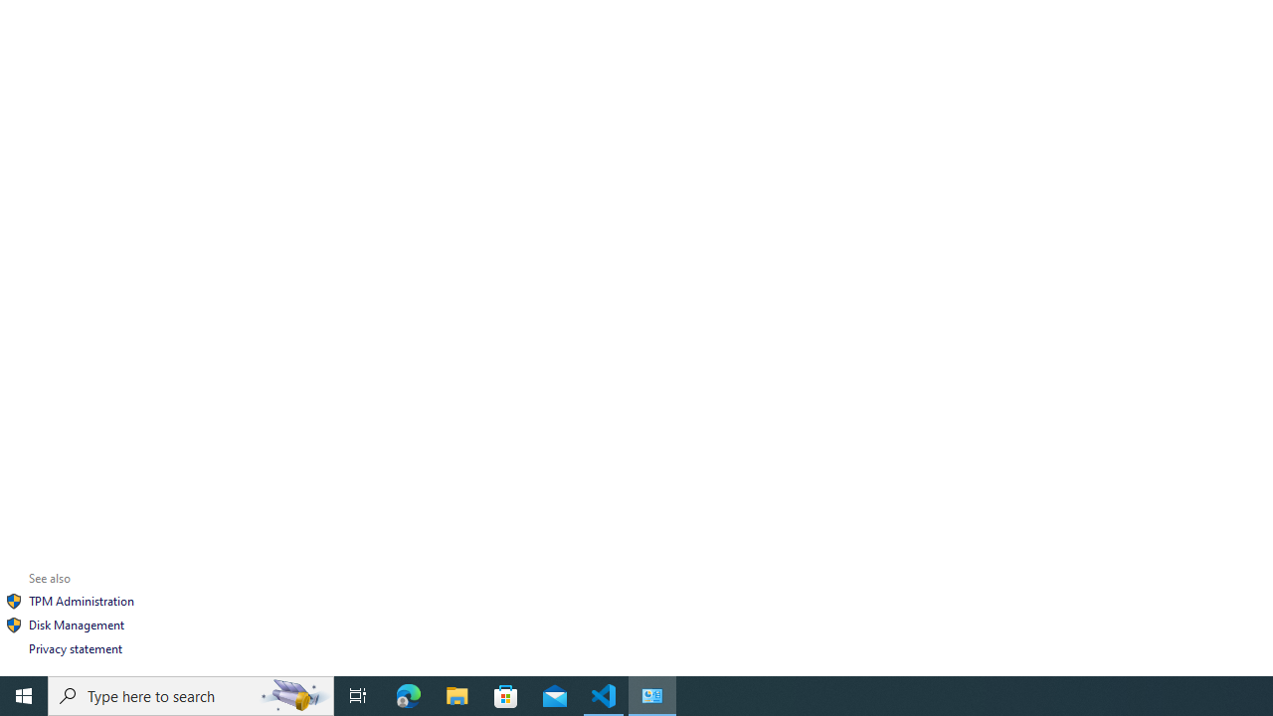  I want to click on 'Microsoft Store', so click(506, 694).